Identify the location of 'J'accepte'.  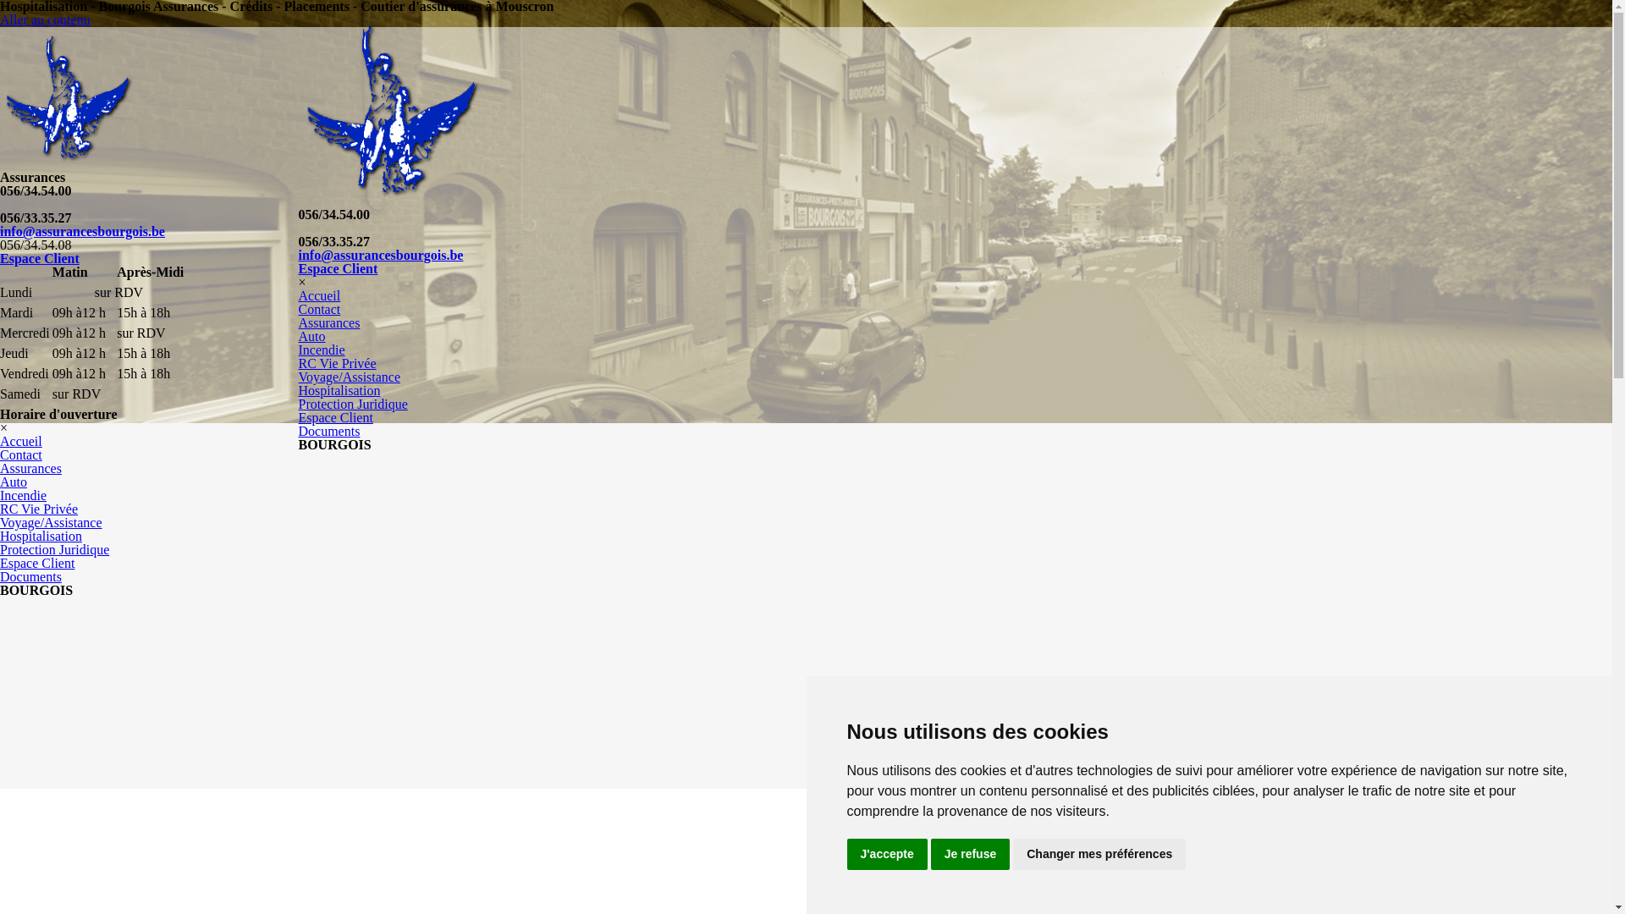
(885, 854).